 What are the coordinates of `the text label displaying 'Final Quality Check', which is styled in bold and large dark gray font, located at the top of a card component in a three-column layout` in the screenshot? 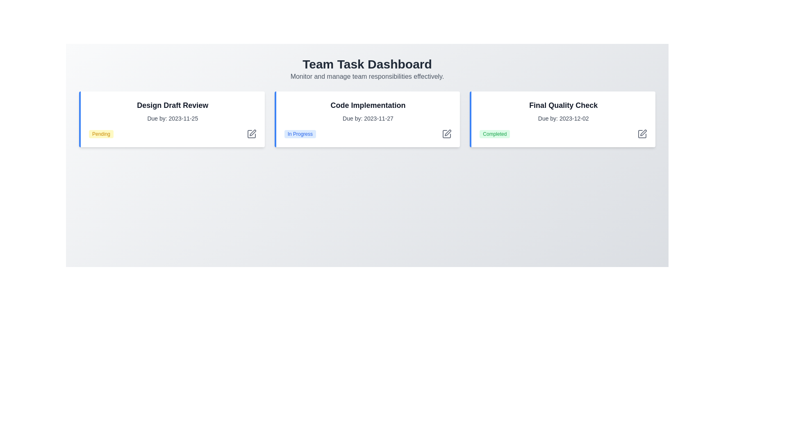 It's located at (563, 105).